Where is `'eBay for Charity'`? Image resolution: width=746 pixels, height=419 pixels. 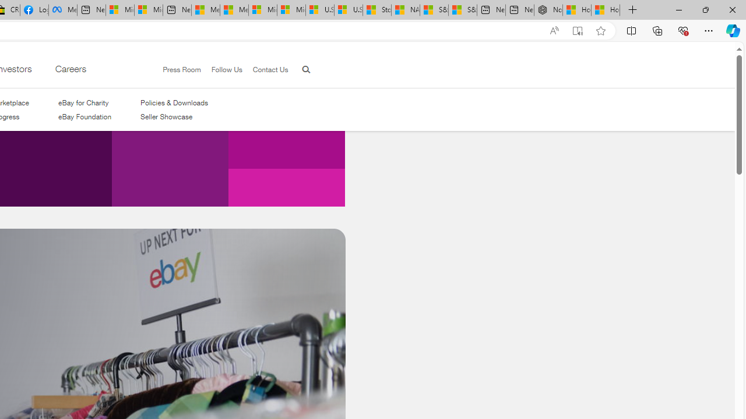
'eBay for Charity' is located at coordinates (82, 102).